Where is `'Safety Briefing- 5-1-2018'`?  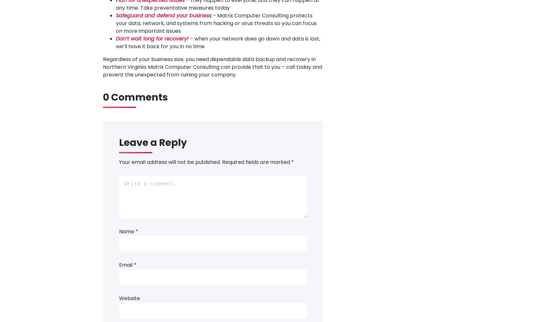
'Safety Briefing- 5-1-2018' is located at coordinates (230, 238).